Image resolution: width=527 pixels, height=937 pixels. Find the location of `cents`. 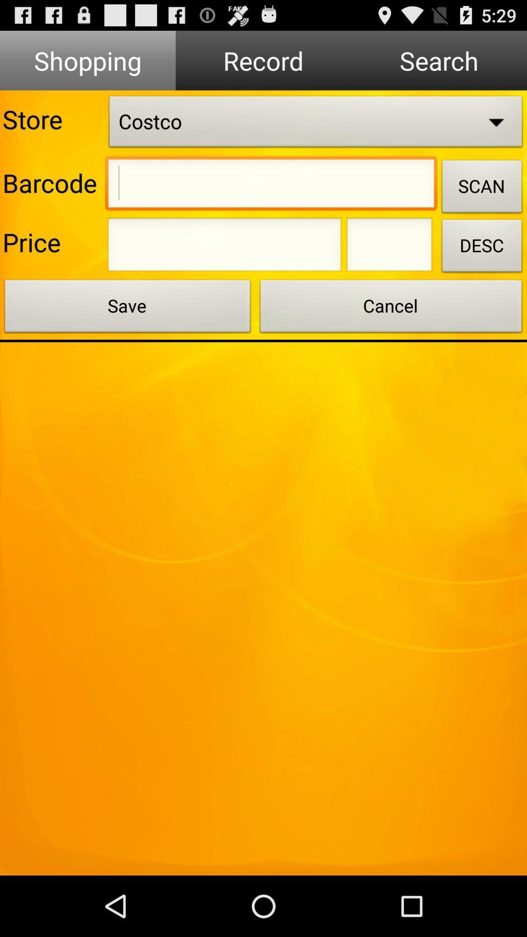

cents is located at coordinates (389, 247).